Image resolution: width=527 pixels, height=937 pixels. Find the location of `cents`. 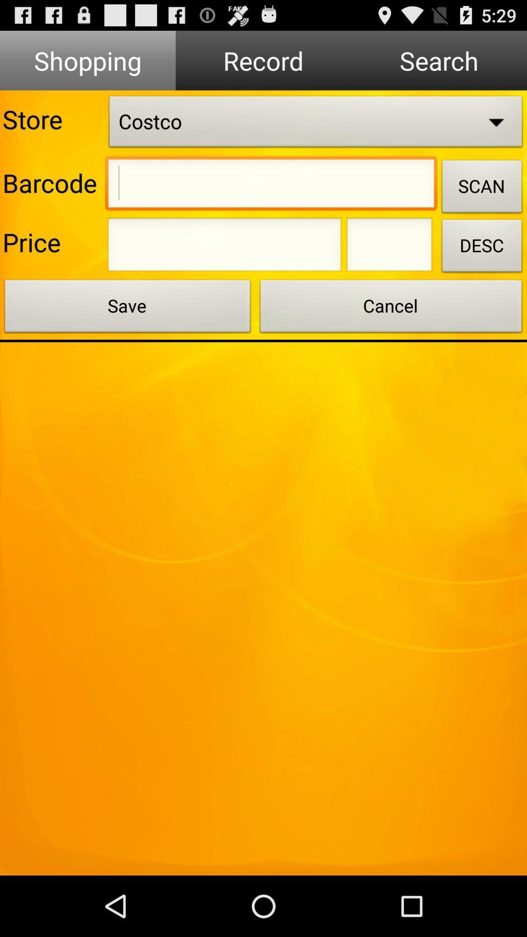

cents is located at coordinates (389, 247).